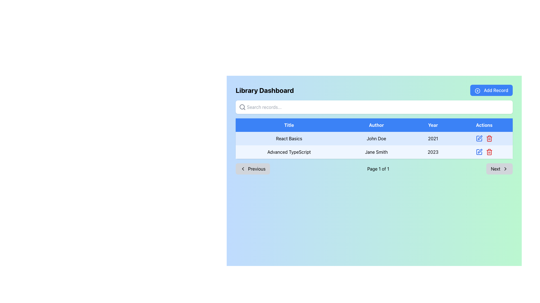  Describe the element at coordinates (253, 168) in the screenshot. I see `the 'Previous' button, which is a rectangular button with a light gray background and bold black text` at that location.